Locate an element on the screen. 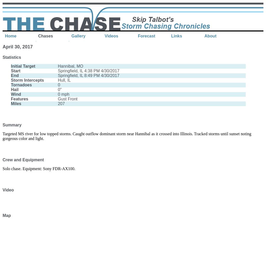 The width and height of the screenshot is (266, 257). 'Hail' is located at coordinates (14, 89).